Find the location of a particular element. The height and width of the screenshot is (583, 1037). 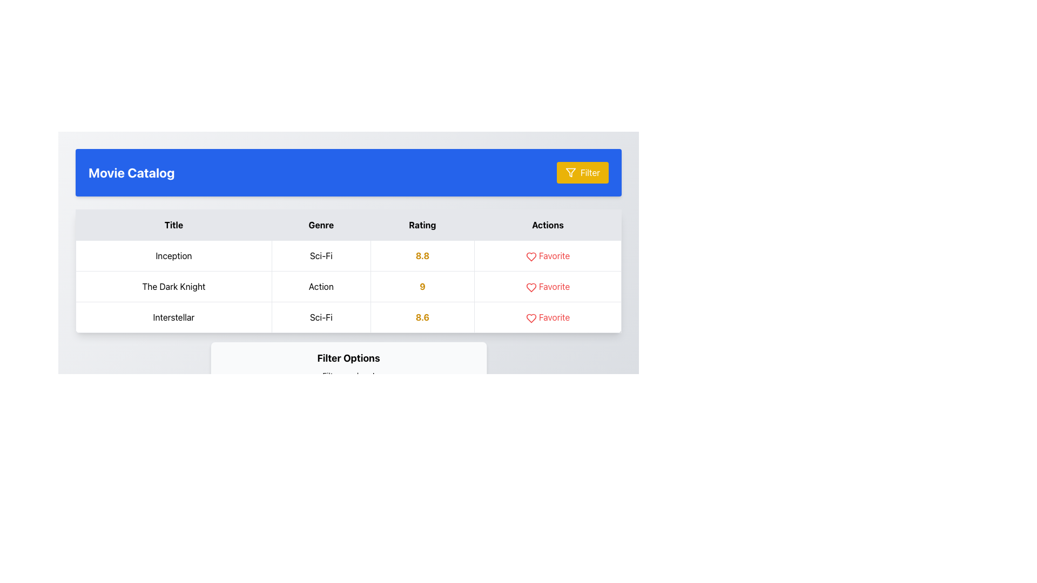

the text label displaying the rating '8.8' for the movie 'Inception', which is located in the third cell of the first row under the 'Rating' column is located at coordinates (422, 256).